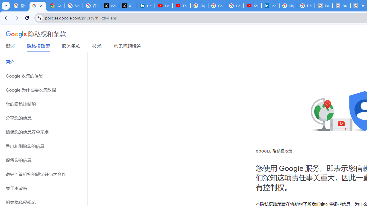 The width and height of the screenshot is (367, 206). Describe the element at coordinates (288, 6) in the screenshot. I see `'Sign in - Google Accounts'` at that location.